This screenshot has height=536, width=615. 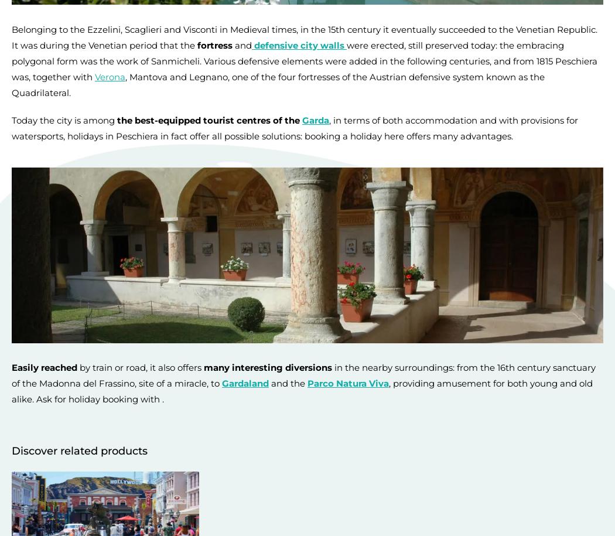 I want to click on 'Terms and Conditions', so click(x=50, y=488).